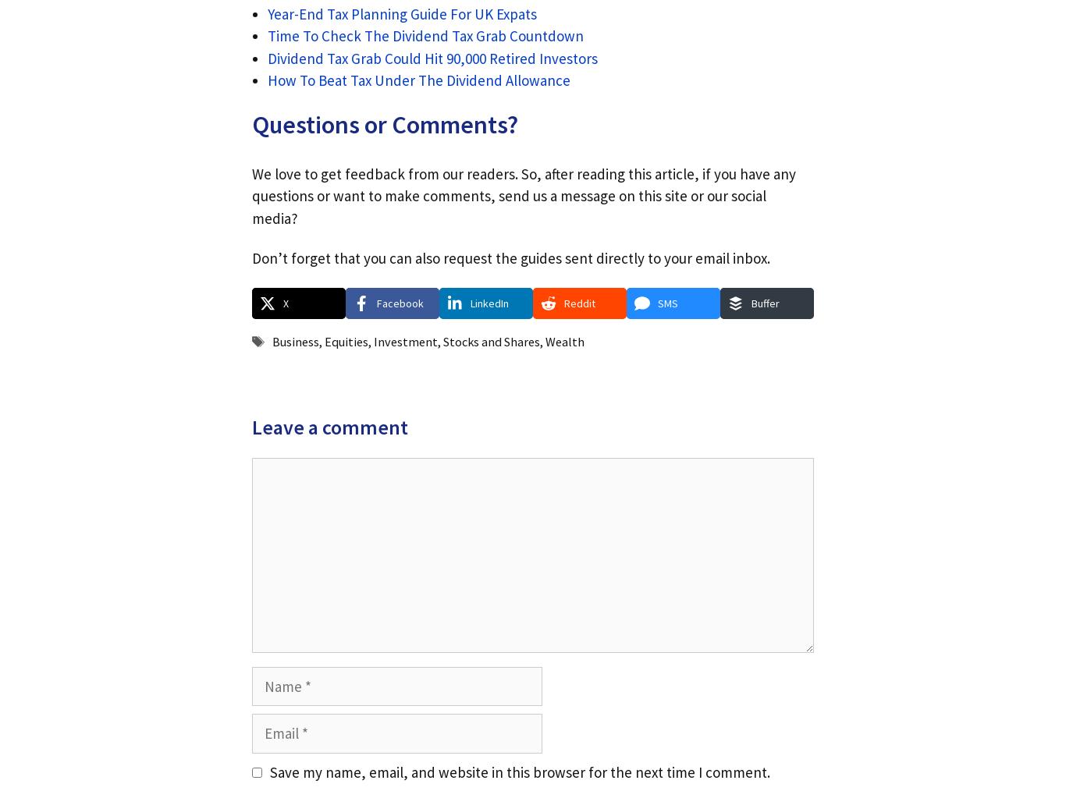  Describe the element at coordinates (293, 342) in the screenshot. I see `'Business'` at that location.